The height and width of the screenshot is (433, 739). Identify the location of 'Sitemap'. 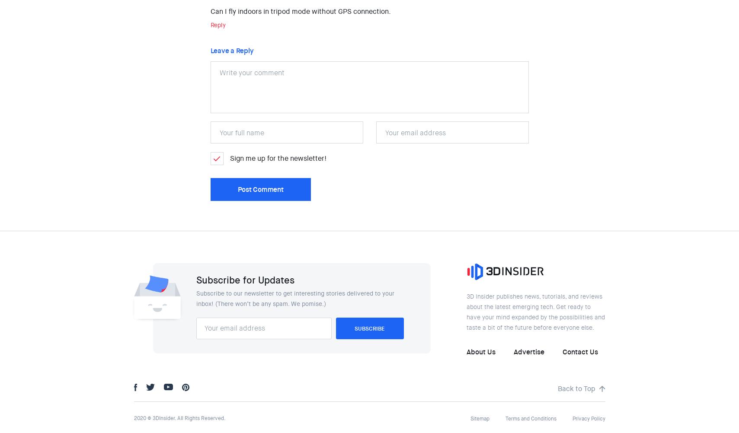
(479, 418).